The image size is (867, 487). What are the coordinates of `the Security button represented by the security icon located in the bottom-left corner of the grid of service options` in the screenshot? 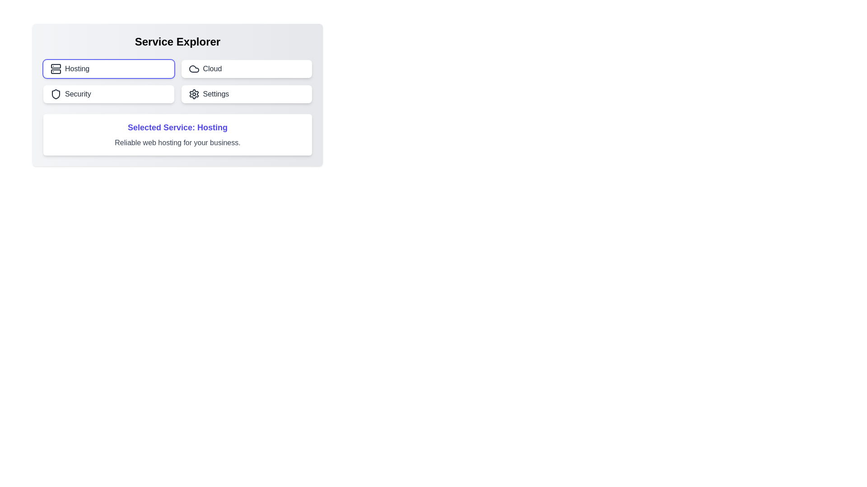 It's located at (56, 94).